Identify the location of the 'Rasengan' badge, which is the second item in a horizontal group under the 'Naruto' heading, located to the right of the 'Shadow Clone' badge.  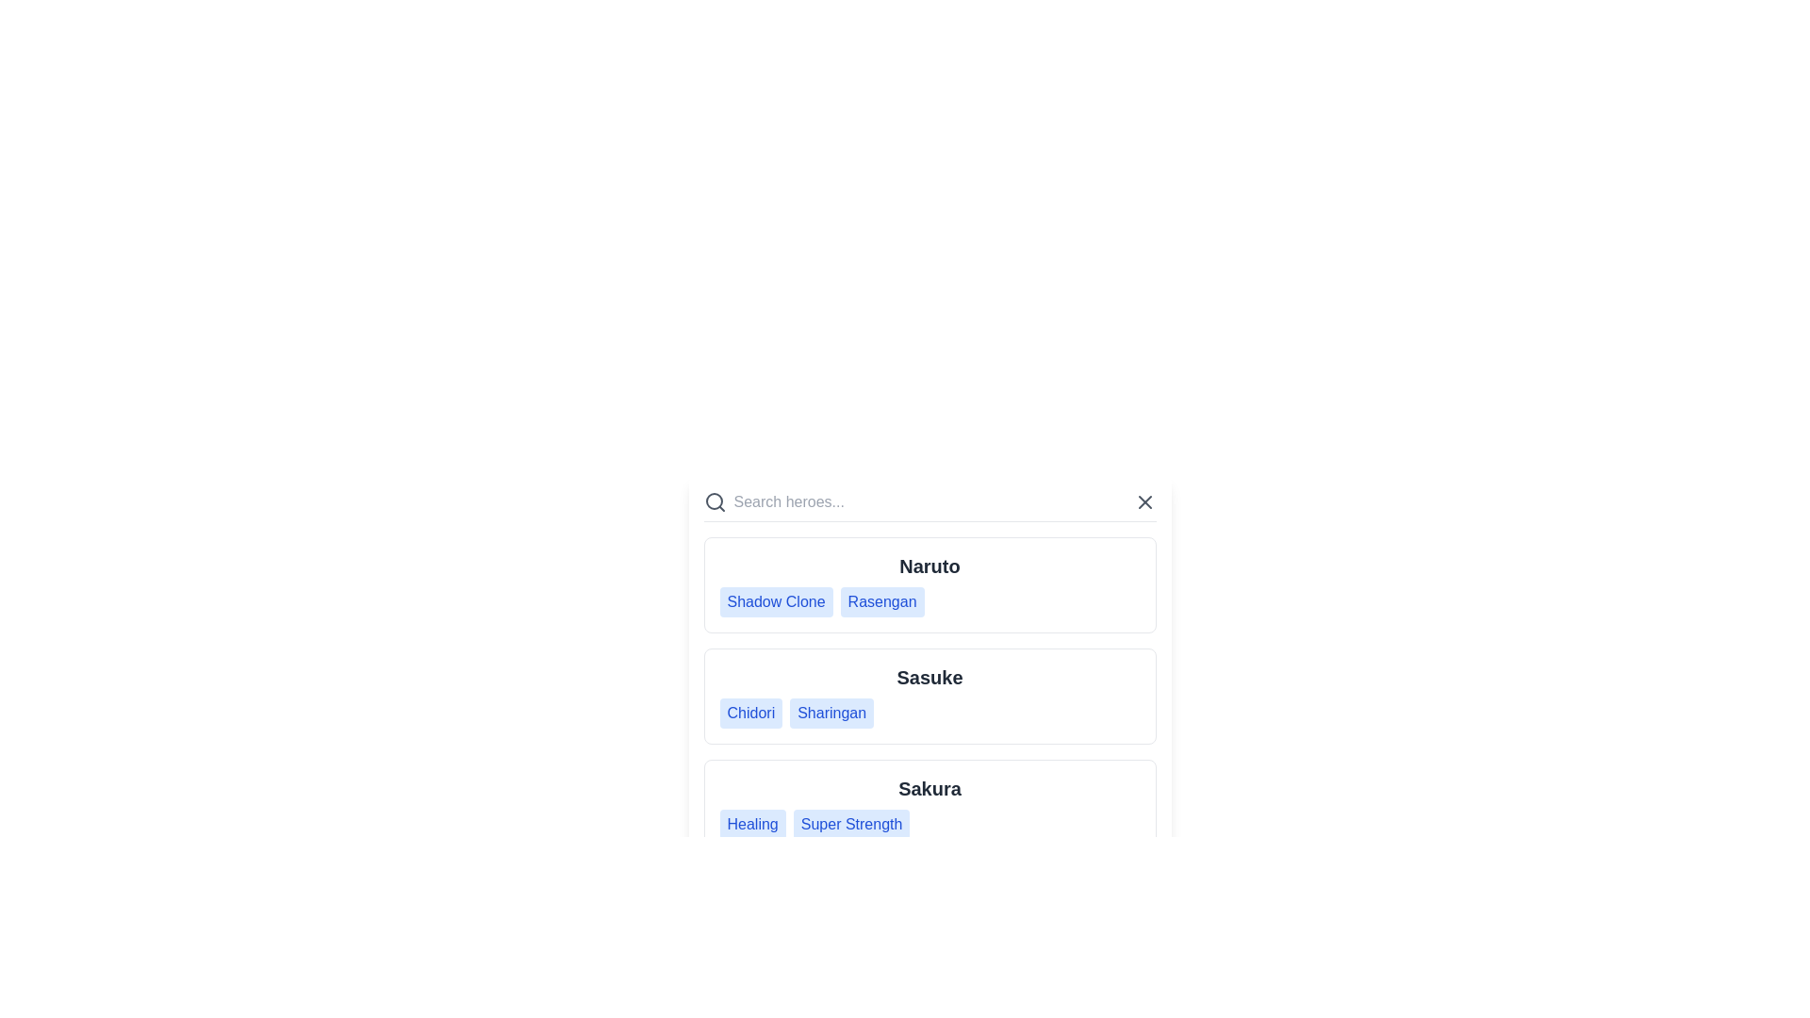
(881, 602).